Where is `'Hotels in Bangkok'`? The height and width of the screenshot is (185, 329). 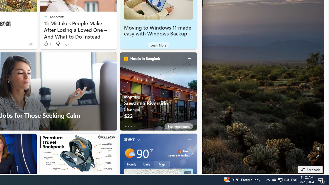 'Hotels in Bangkok' is located at coordinates (144, 58).